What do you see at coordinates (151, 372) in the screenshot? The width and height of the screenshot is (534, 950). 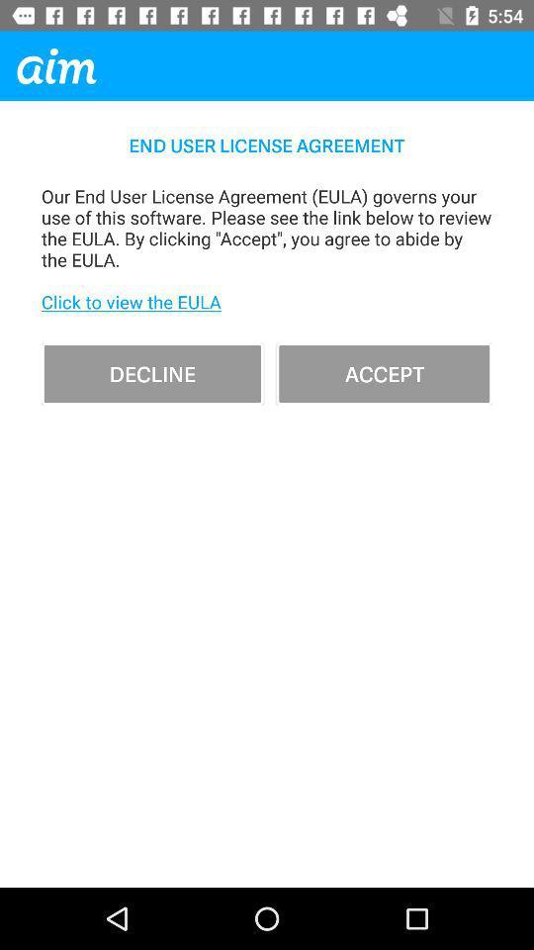 I see `the icon to the left of the accept button` at bounding box center [151, 372].